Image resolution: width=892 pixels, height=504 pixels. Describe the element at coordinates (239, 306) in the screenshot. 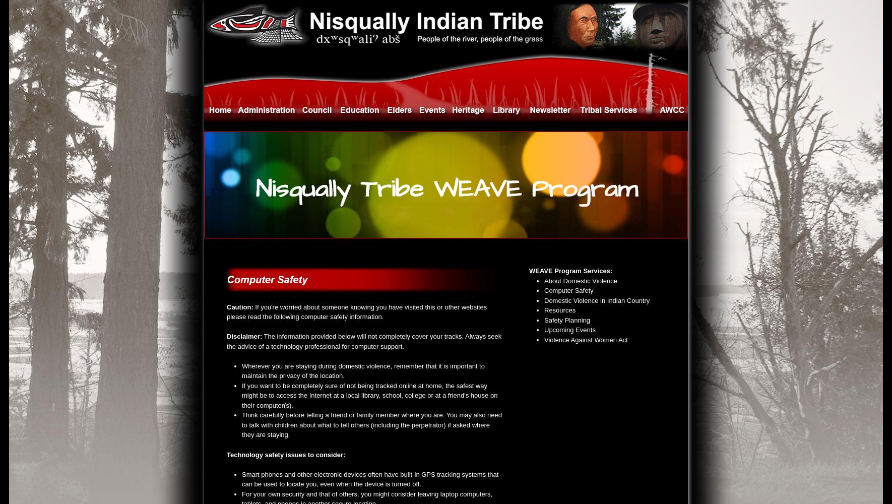

I see `'Caution:'` at that location.